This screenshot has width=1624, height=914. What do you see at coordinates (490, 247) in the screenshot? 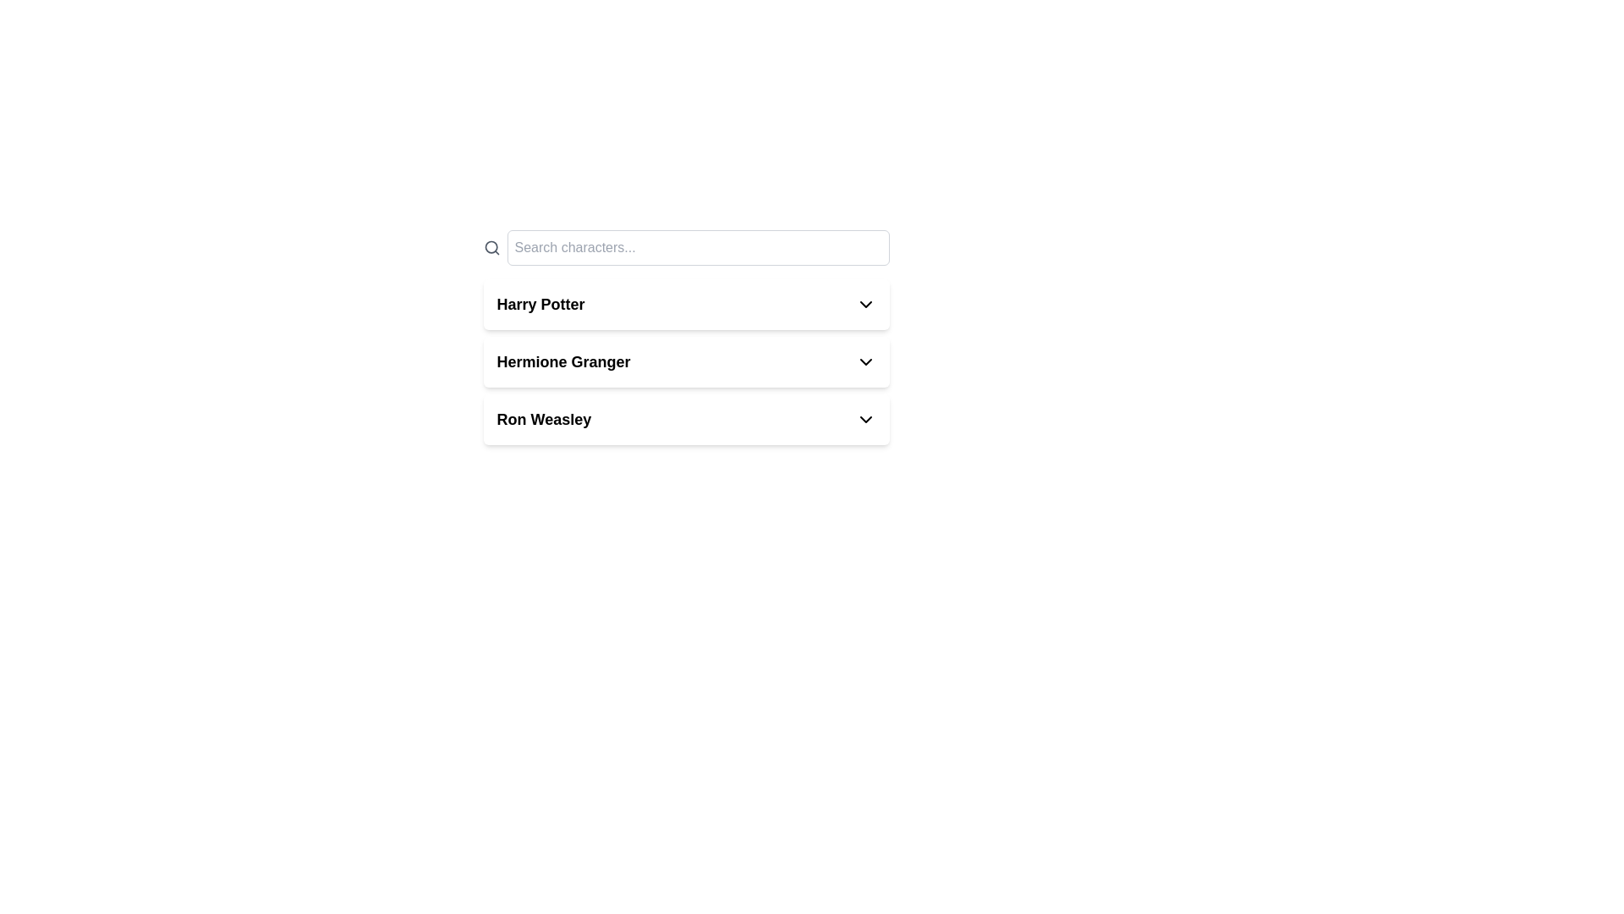
I see `the circular vector graphic that serves as the lens of the magnifying glass in the search icon, located left of the input field labeled 'Search characters...'` at bounding box center [490, 247].